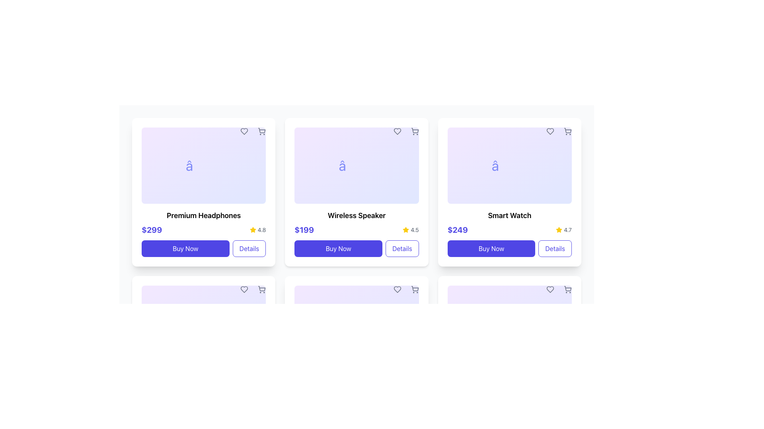 The image size is (764, 429). What do you see at coordinates (550, 131) in the screenshot?
I see `the heart icon in the top-right corner of the 'Smart Watch' product card` at bounding box center [550, 131].